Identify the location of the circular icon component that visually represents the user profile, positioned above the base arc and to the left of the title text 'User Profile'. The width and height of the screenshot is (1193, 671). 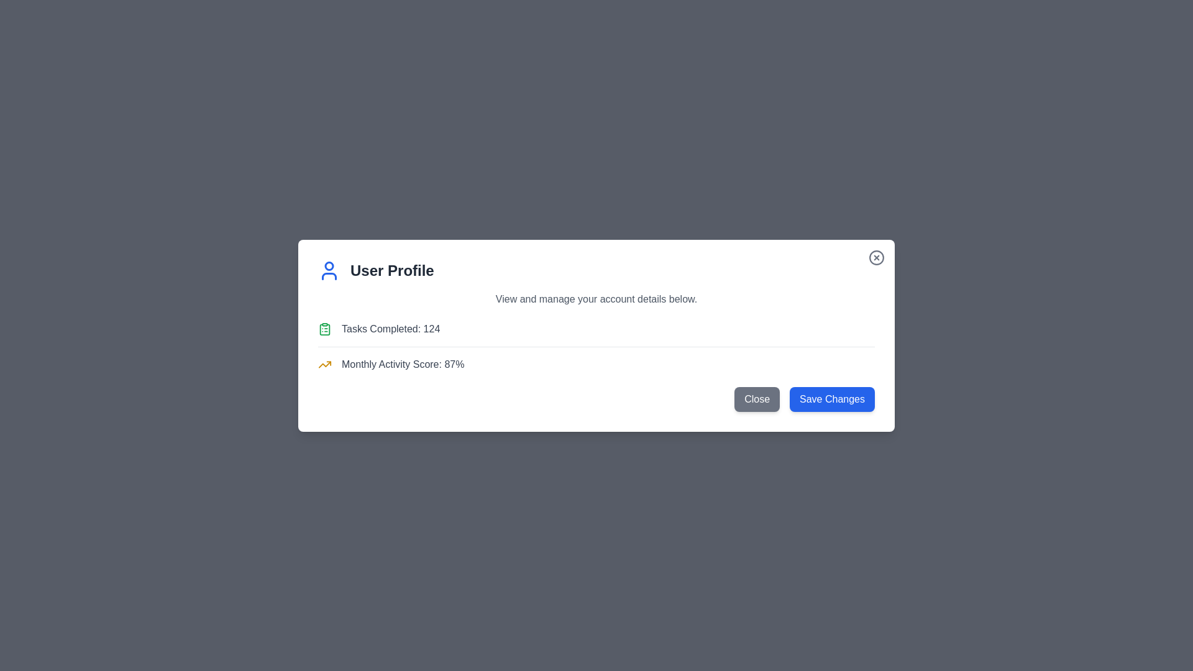
(329, 265).